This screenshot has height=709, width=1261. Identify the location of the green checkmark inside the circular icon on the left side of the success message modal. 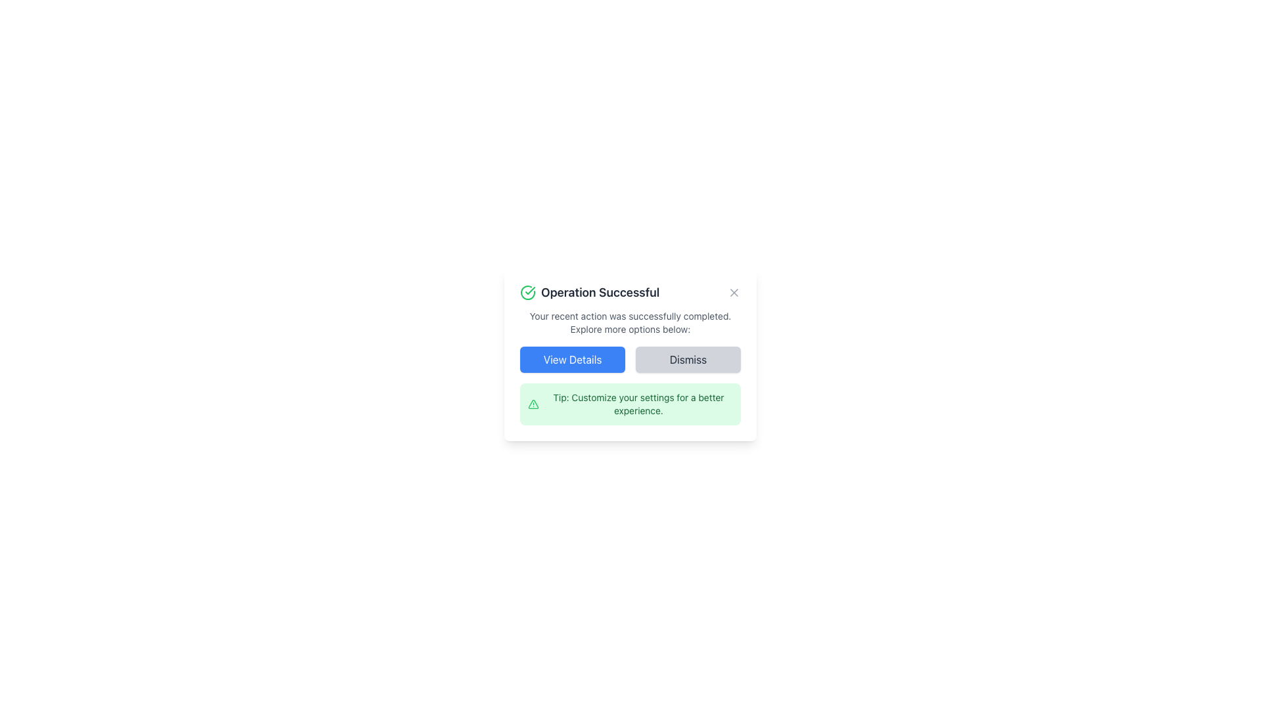
(530, 290).